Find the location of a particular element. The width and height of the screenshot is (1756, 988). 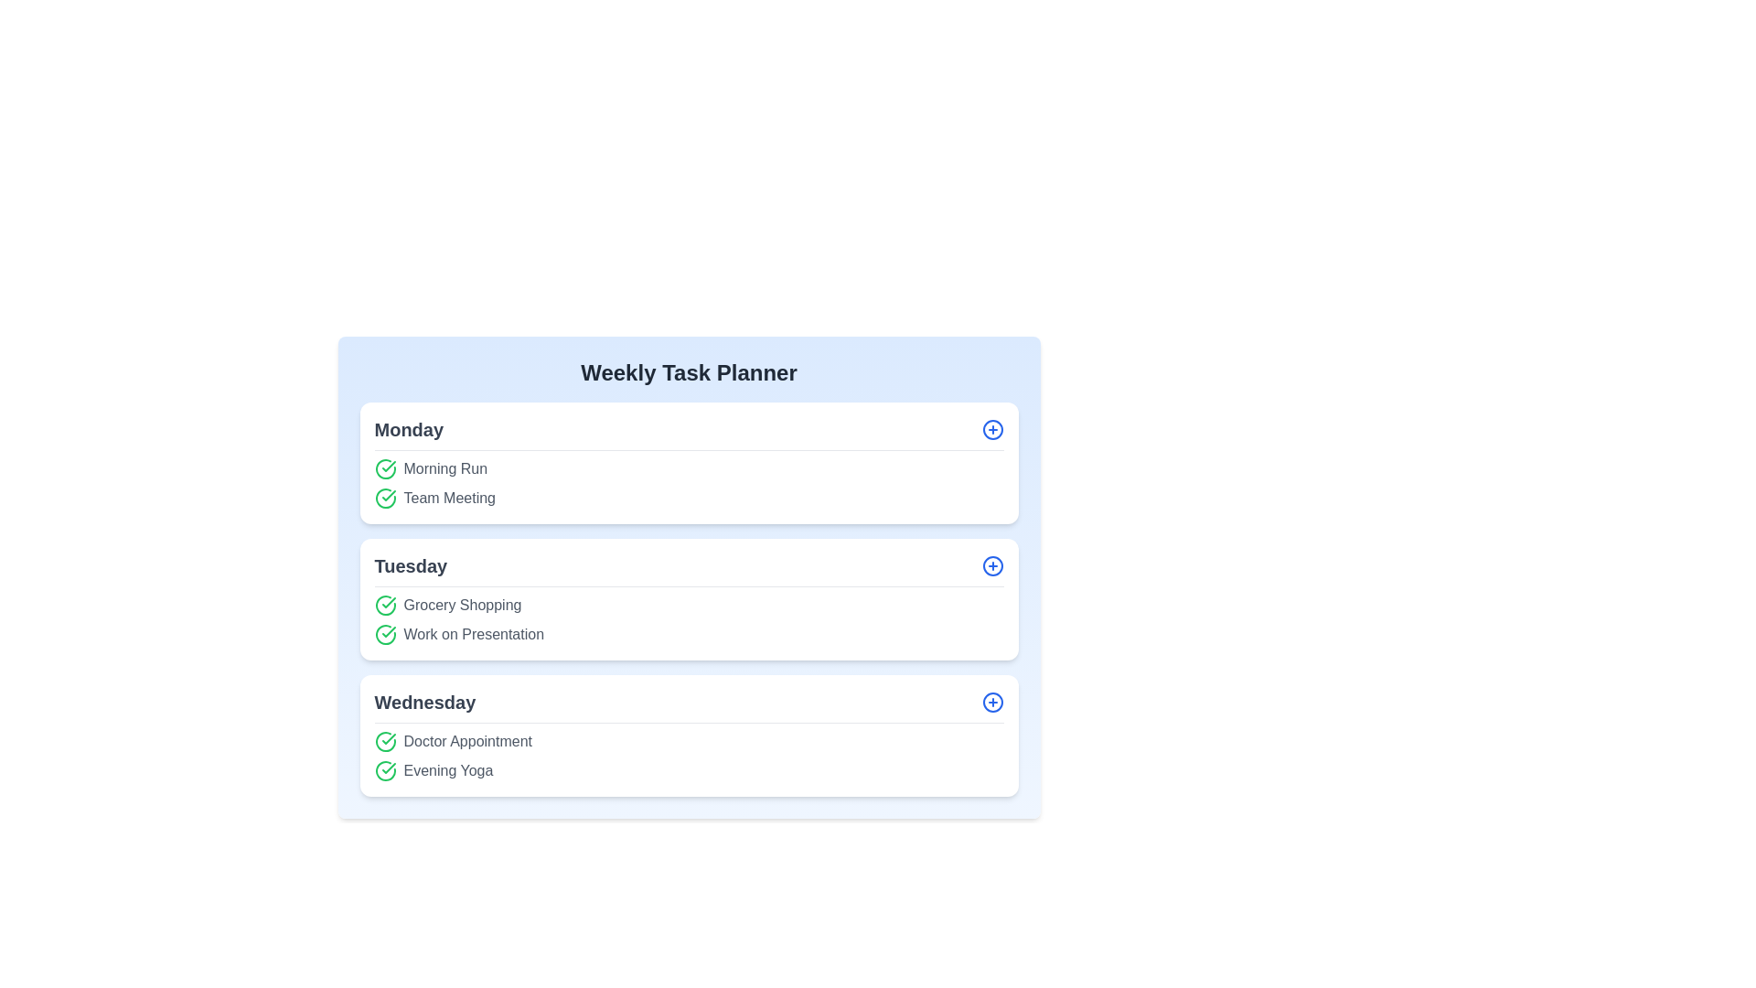

the 'Add Task' button for Tuesday is located at coordinates (991, 564).